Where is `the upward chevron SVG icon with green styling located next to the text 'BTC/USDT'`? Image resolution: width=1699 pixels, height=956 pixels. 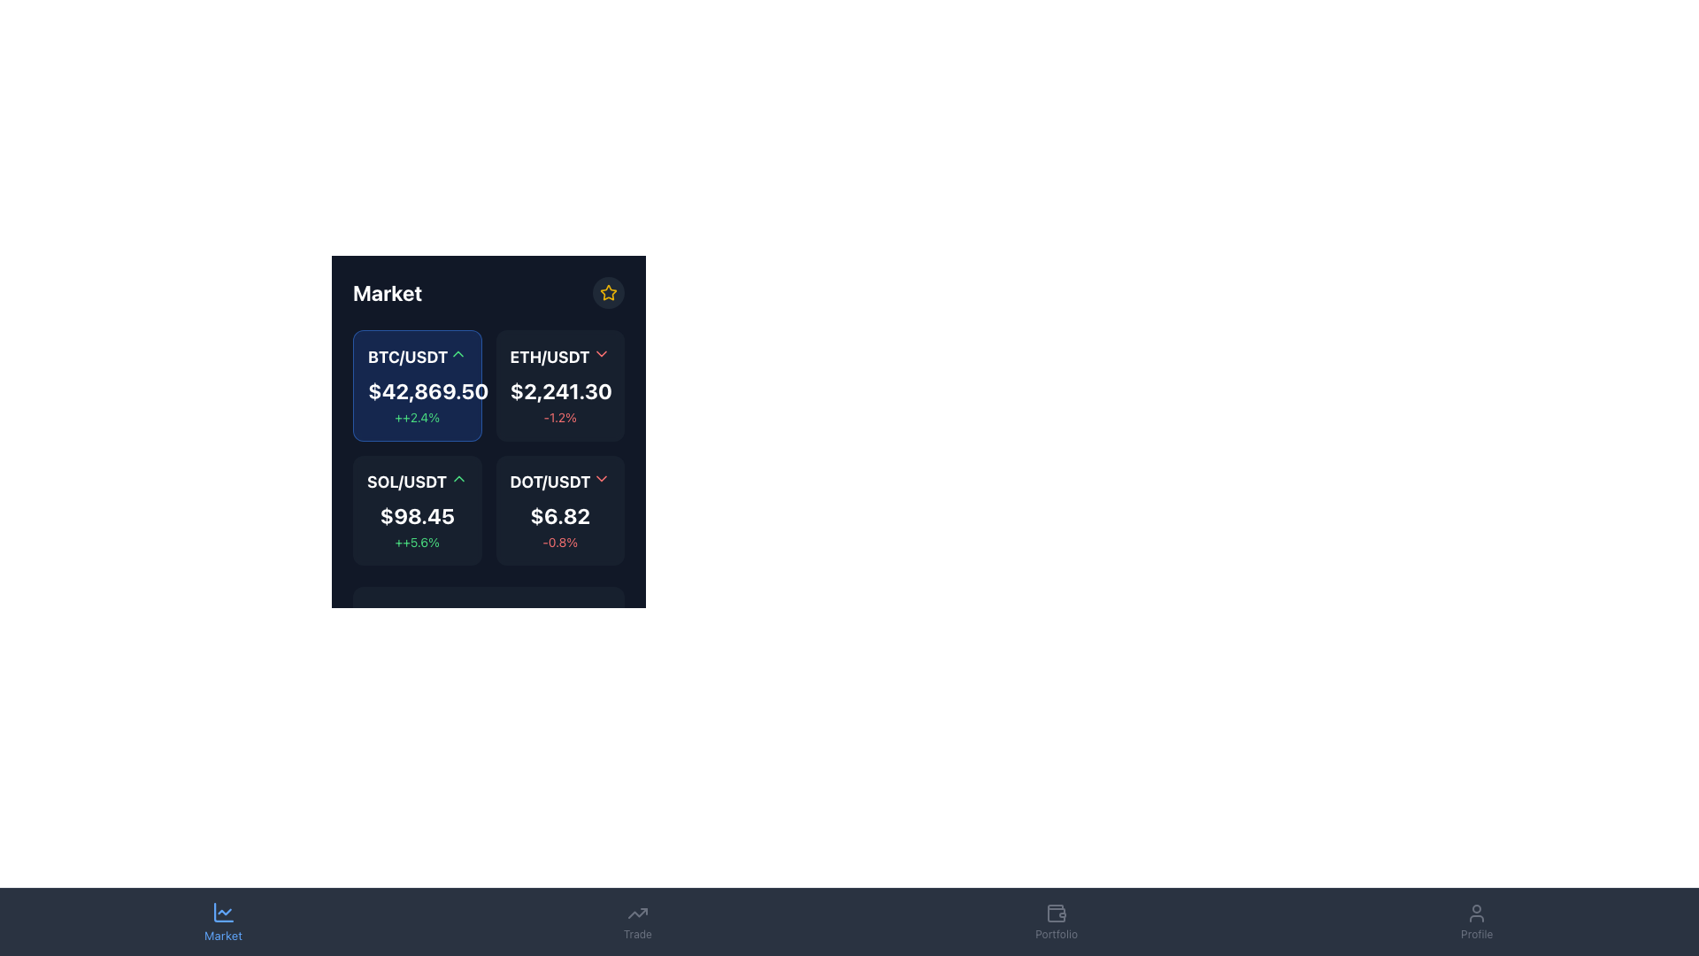
the upward chevron SVG icon with green styling located next to the text 'BTC/USDT' is located at coordinates (457, 354).